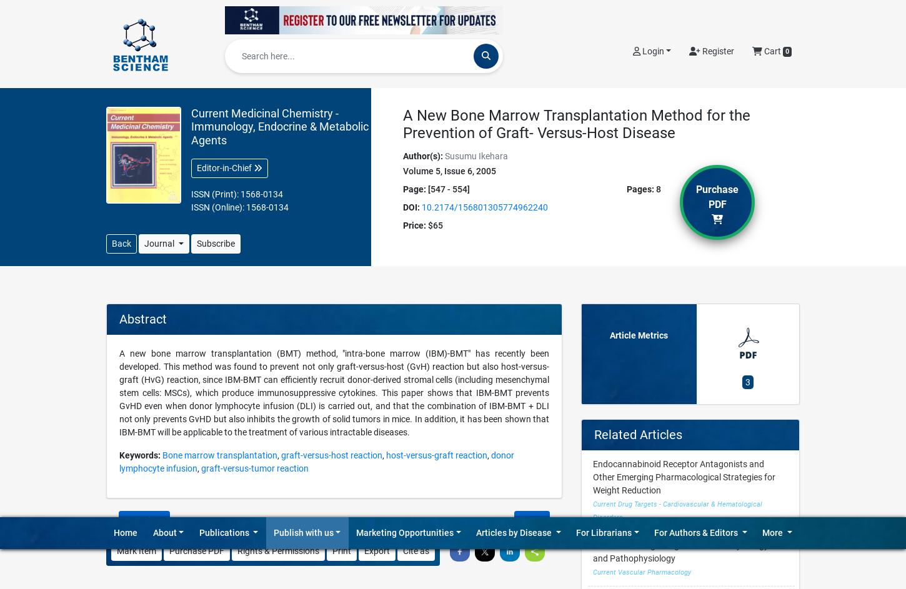 Image resolution: width=906 pixels, height=589 pixels. Describe the element at coordinates (147, 159) in the screenshot. I see `'Hakon Reikvam et al.,'` at that location.